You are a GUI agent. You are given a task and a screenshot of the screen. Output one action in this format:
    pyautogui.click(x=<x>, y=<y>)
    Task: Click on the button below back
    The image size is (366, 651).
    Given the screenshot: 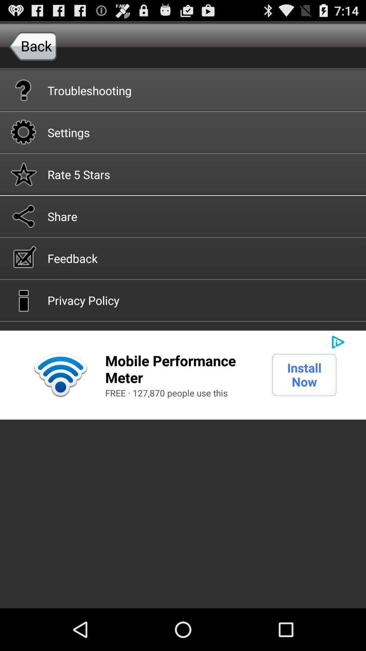 What is the action you would take?
    pyautogui.click(x=183, y=90)
    